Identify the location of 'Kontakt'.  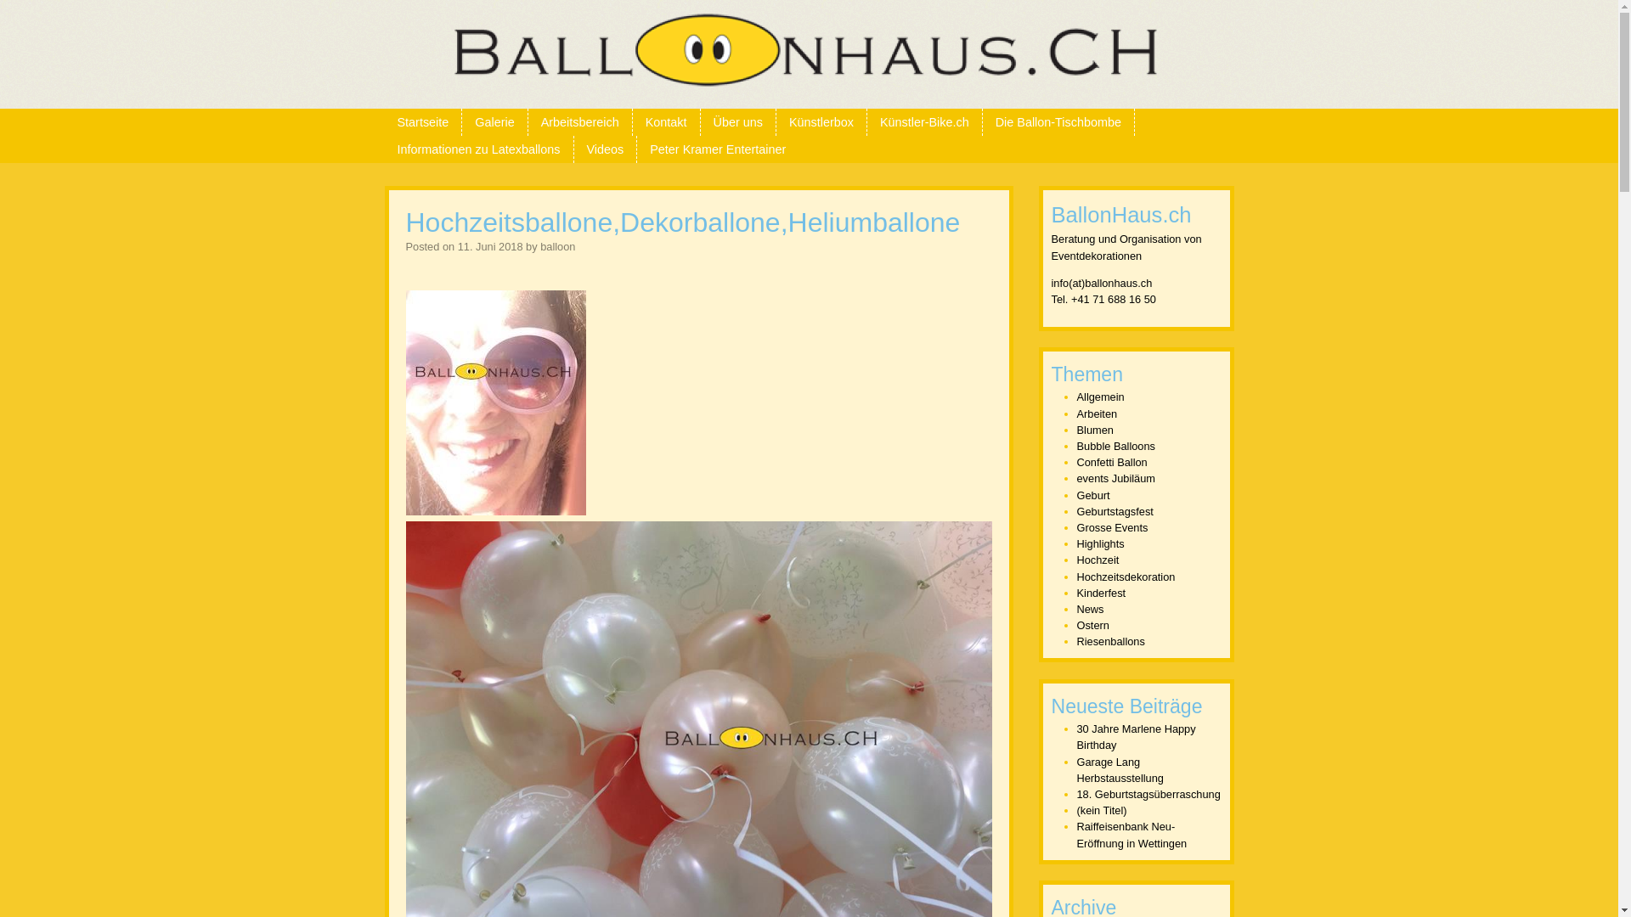
(631, 121).